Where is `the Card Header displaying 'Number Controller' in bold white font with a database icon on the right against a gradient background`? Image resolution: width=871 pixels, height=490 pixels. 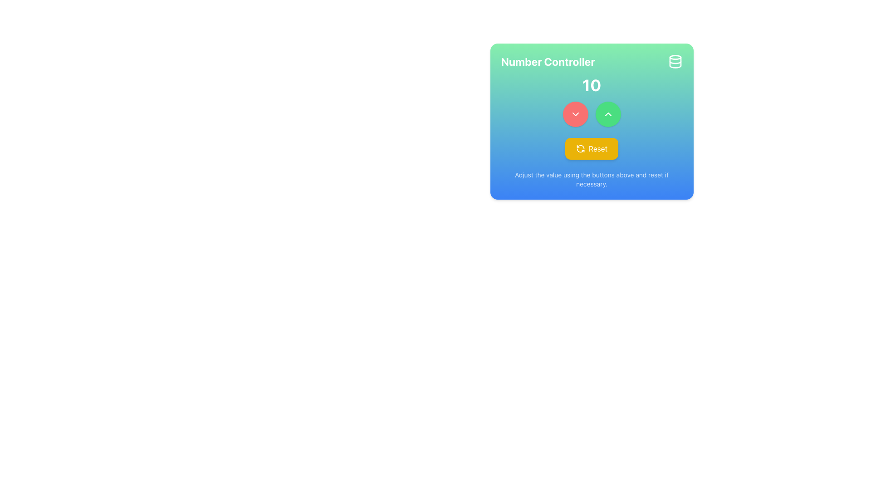
the Card Header displaying 'Number Controller' in bold white font with a database icon on the right against a gradient background is located at coordinates (592, 61).